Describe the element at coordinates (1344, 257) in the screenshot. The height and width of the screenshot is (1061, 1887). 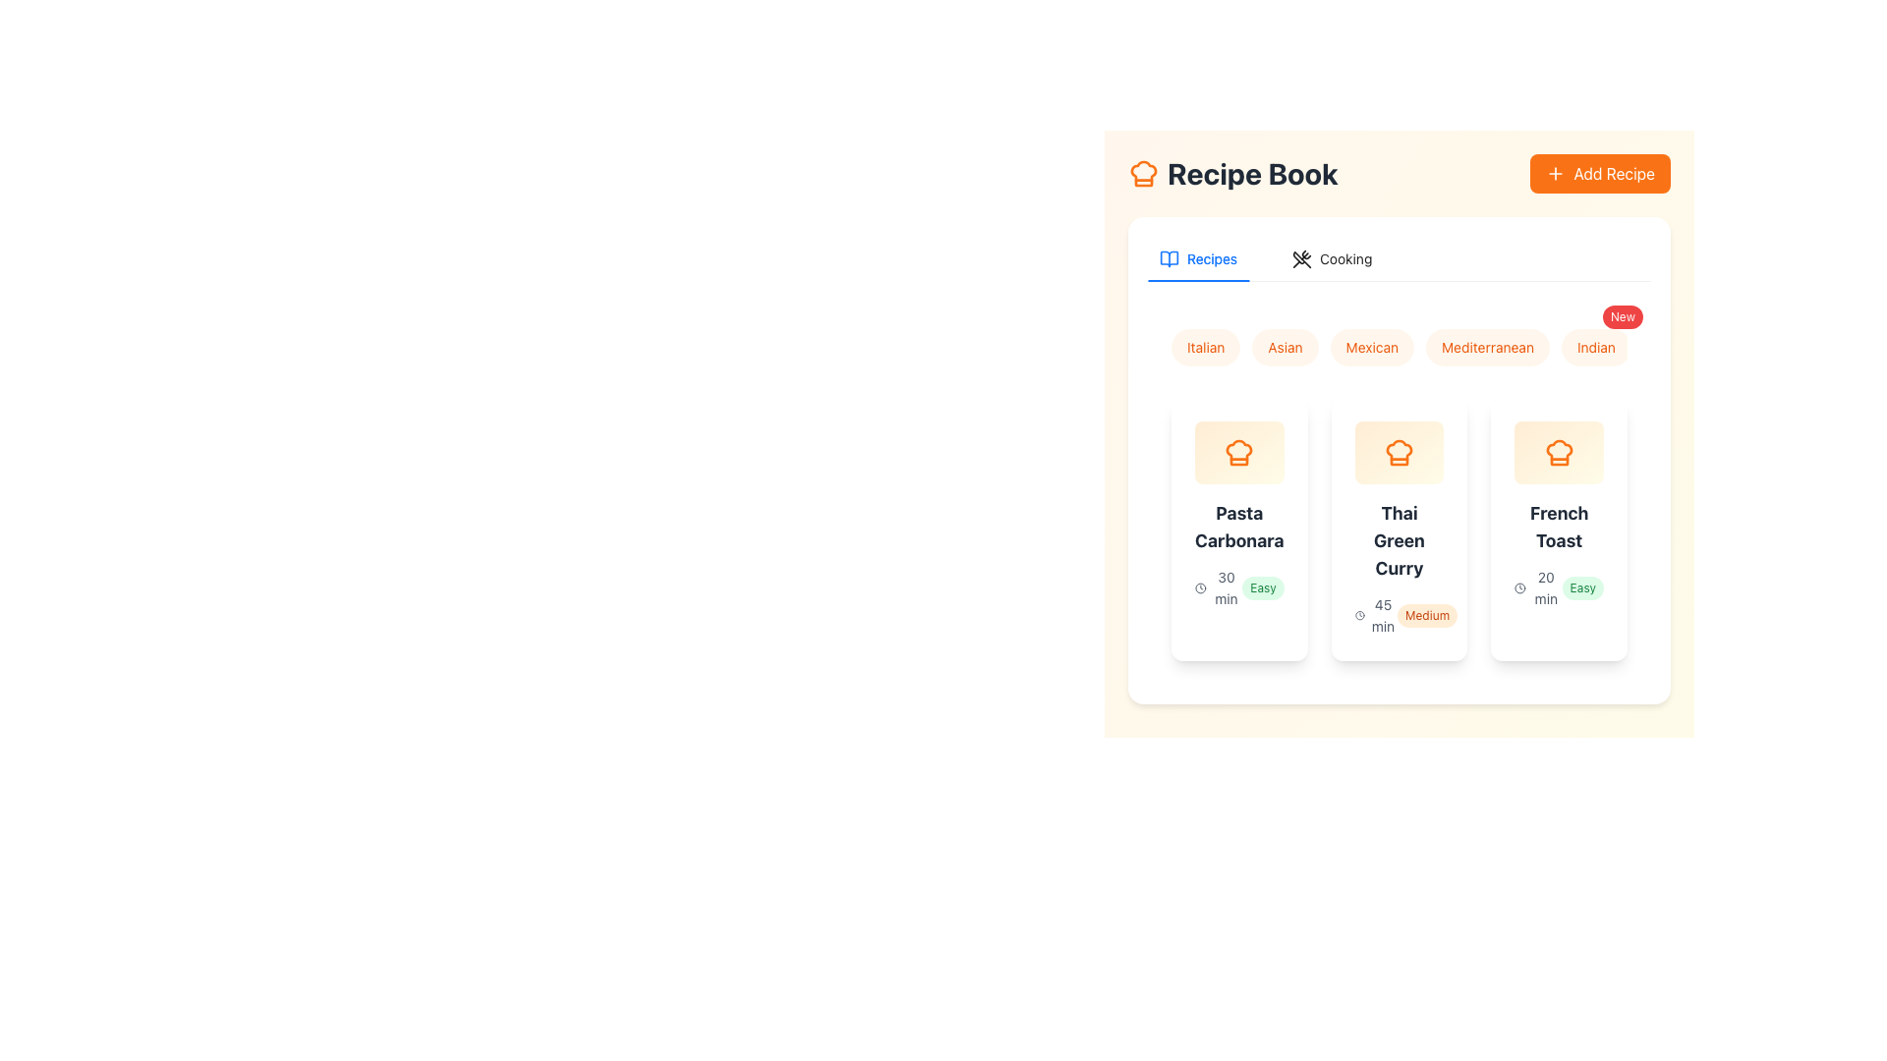
I see `the text label indicating a section or category related` at that location.